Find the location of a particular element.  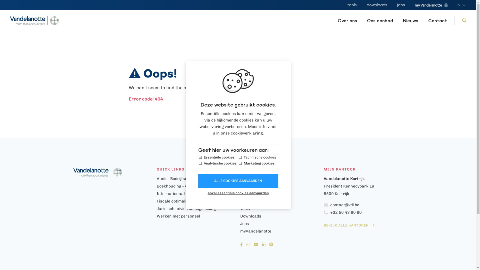

'contact@vdl.be' is located at coordinates (363, 205).